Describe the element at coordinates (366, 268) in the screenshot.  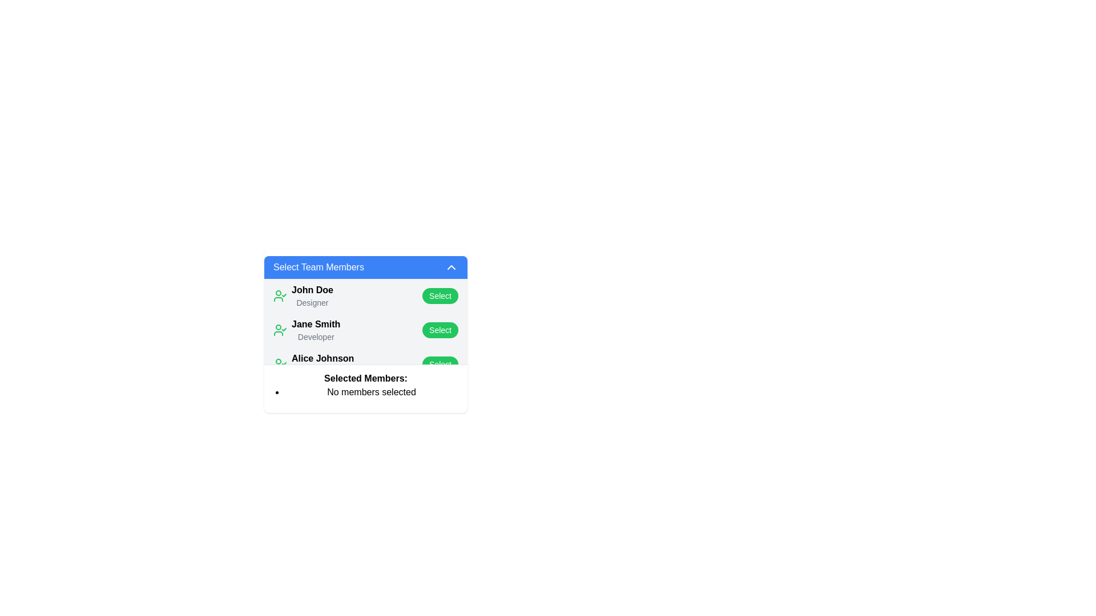
I see `the clickable dropdown button located at the top-left of the team member selection interface` at that location.